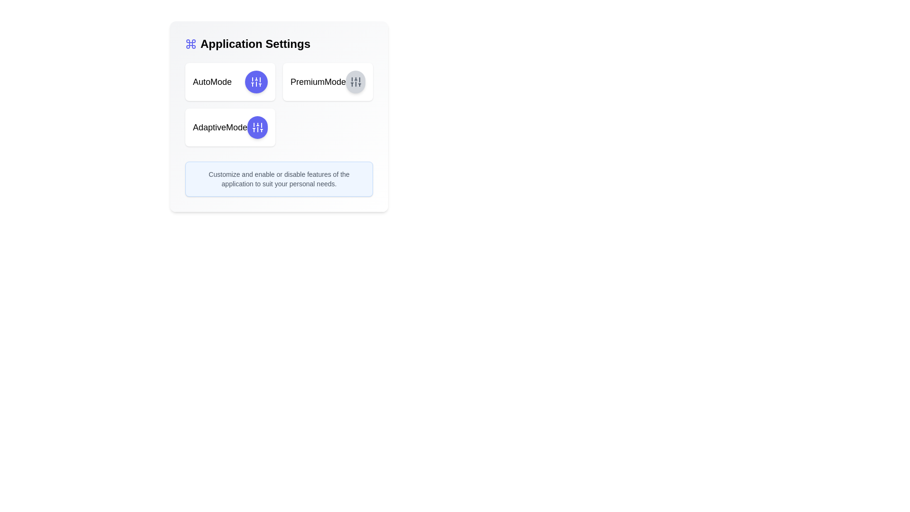  Describe the element at coordinates (279, 44) in the screenshot. I see `the Text Label with Icon that indicates application settings to distinguish the section based on the label` at that location.